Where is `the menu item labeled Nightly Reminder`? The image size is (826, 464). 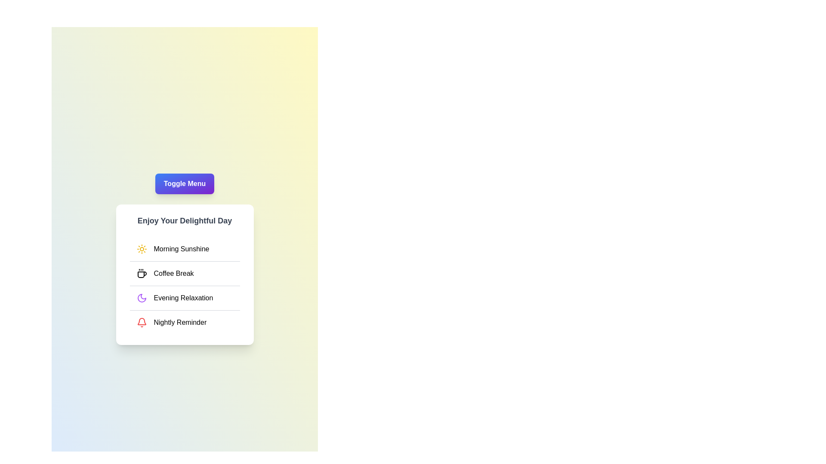 the menu item labeled Nightly Reminder is located at coordinates (184, 322).